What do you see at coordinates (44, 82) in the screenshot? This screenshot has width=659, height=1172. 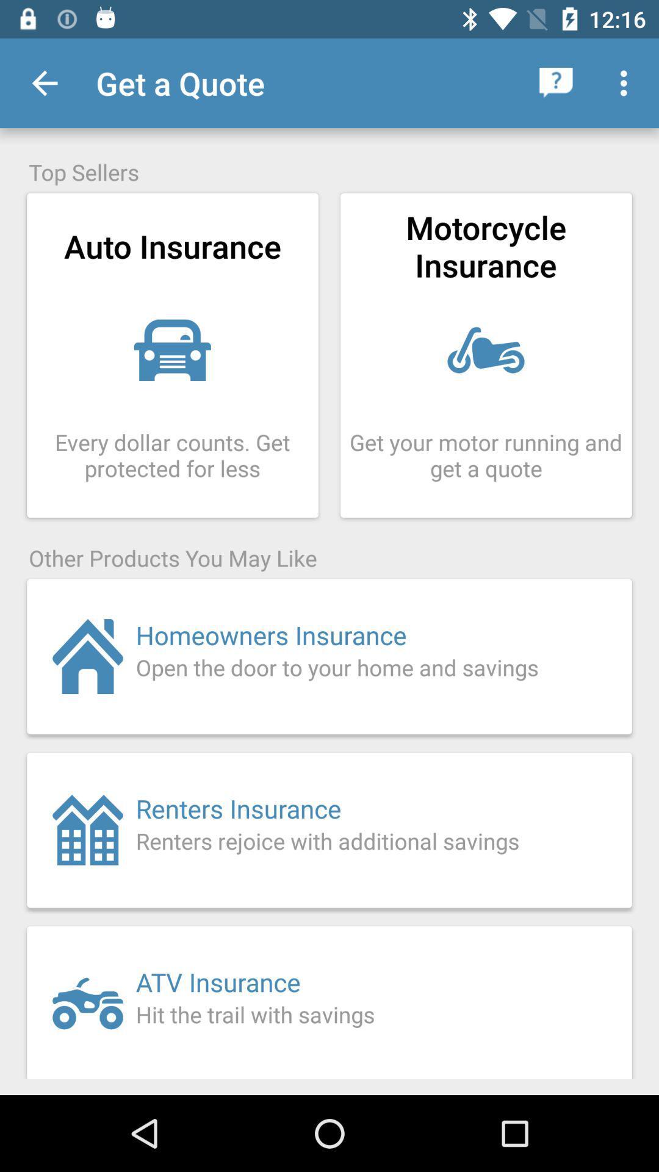 I see `the icon next to get a quote item` at bounding box center [44, 82].